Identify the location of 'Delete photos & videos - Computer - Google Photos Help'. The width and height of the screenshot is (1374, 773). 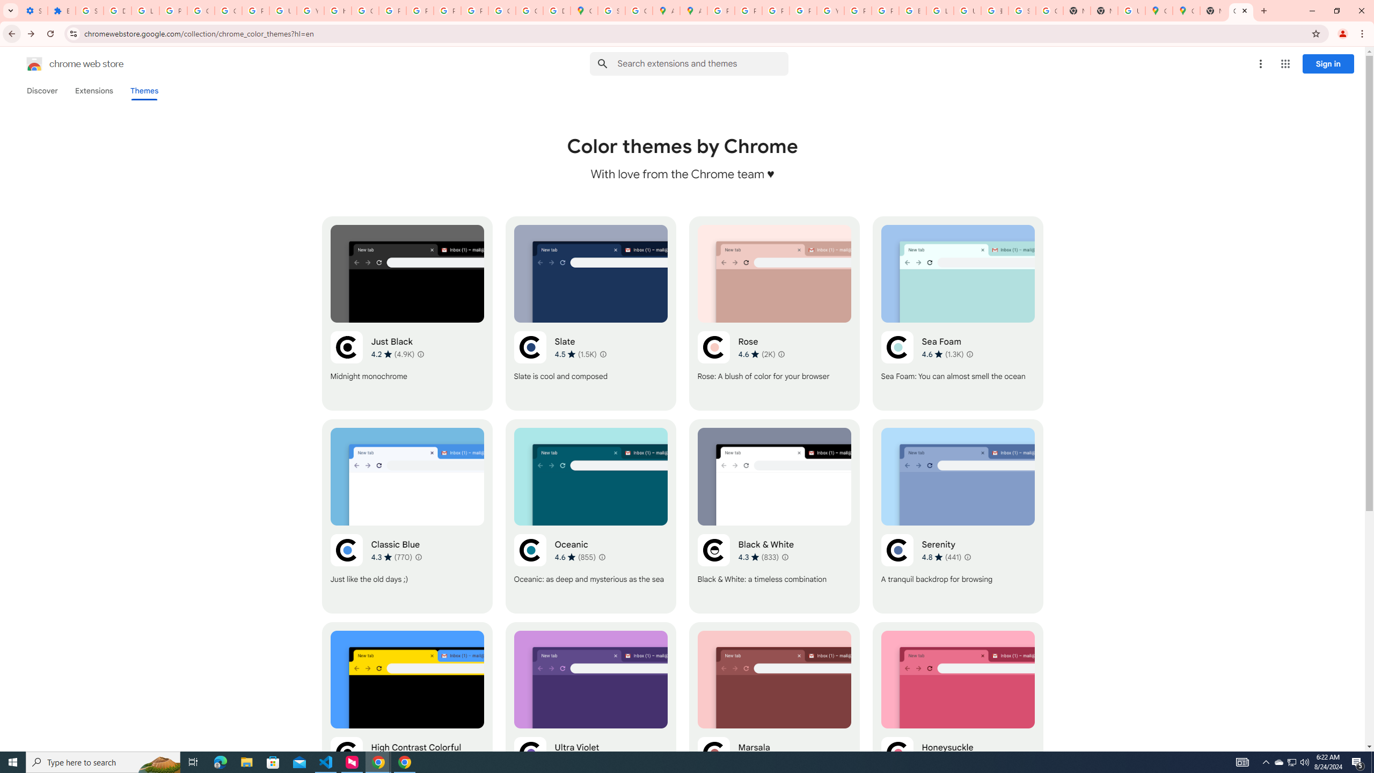
(116, 10).